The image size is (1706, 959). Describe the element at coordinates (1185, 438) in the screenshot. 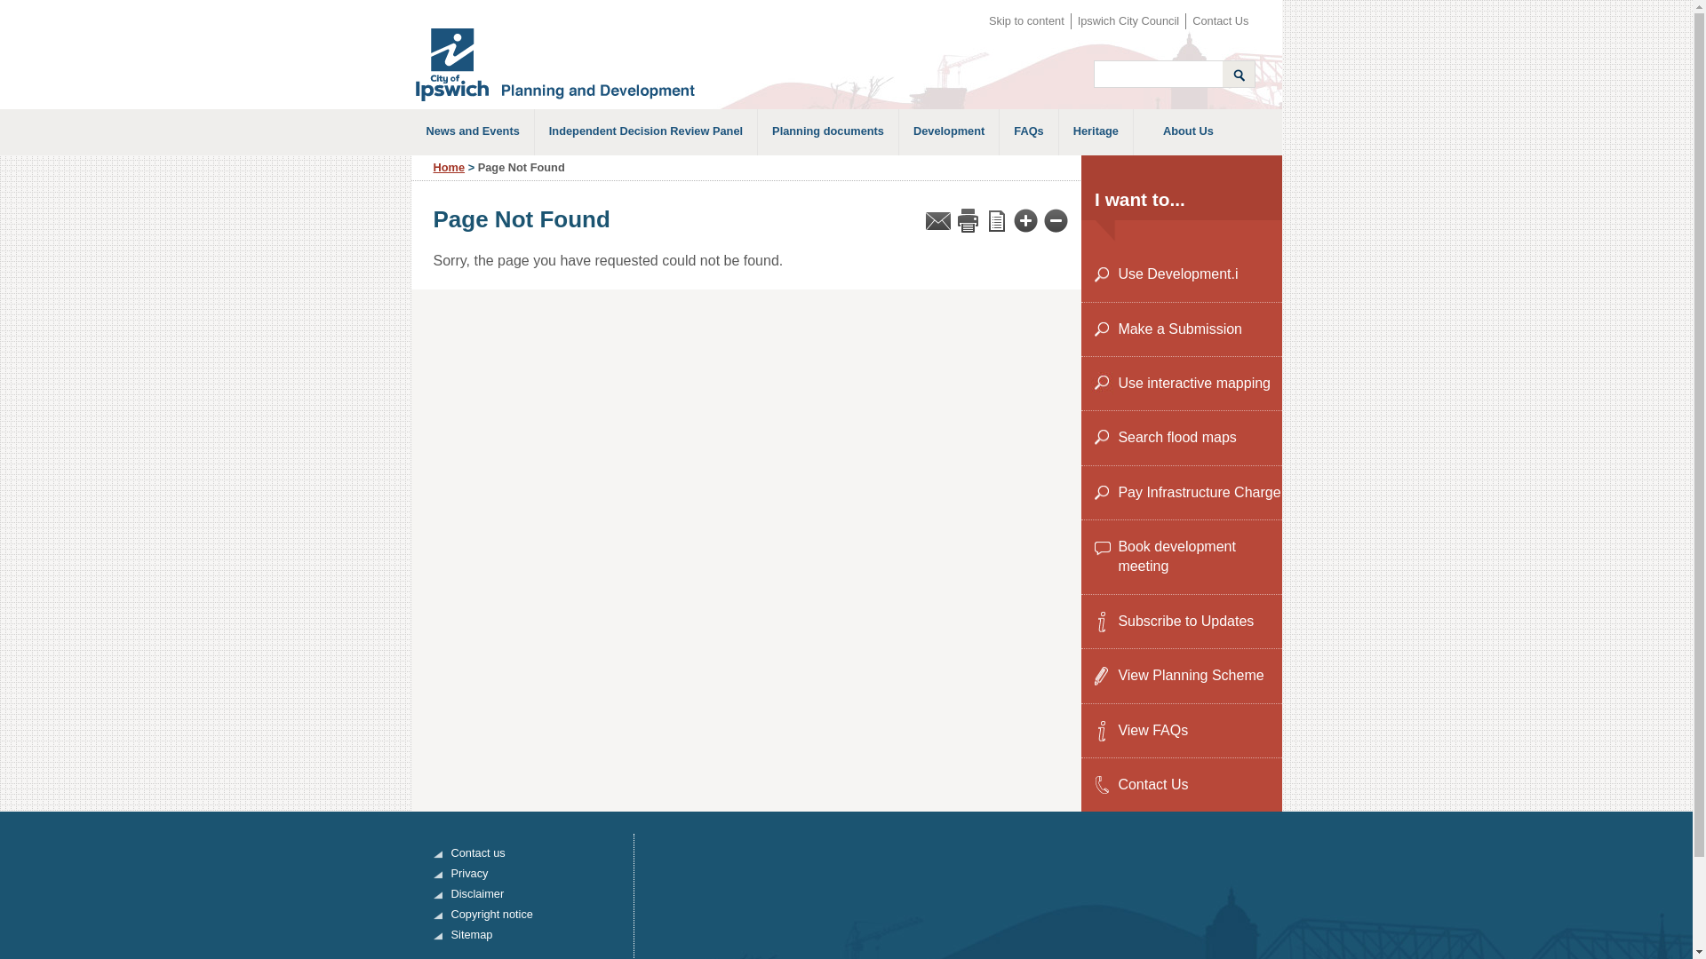

I see `'Search flood maps'` at that location.